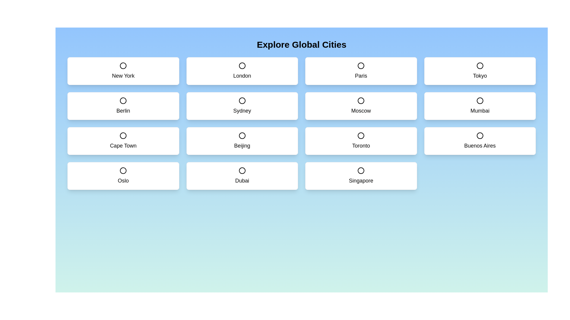  Describe the element at coordinates (480, 141) in the screenshot. I see `the city card labeled Buenos Aires to toggle its selection state` at that location.